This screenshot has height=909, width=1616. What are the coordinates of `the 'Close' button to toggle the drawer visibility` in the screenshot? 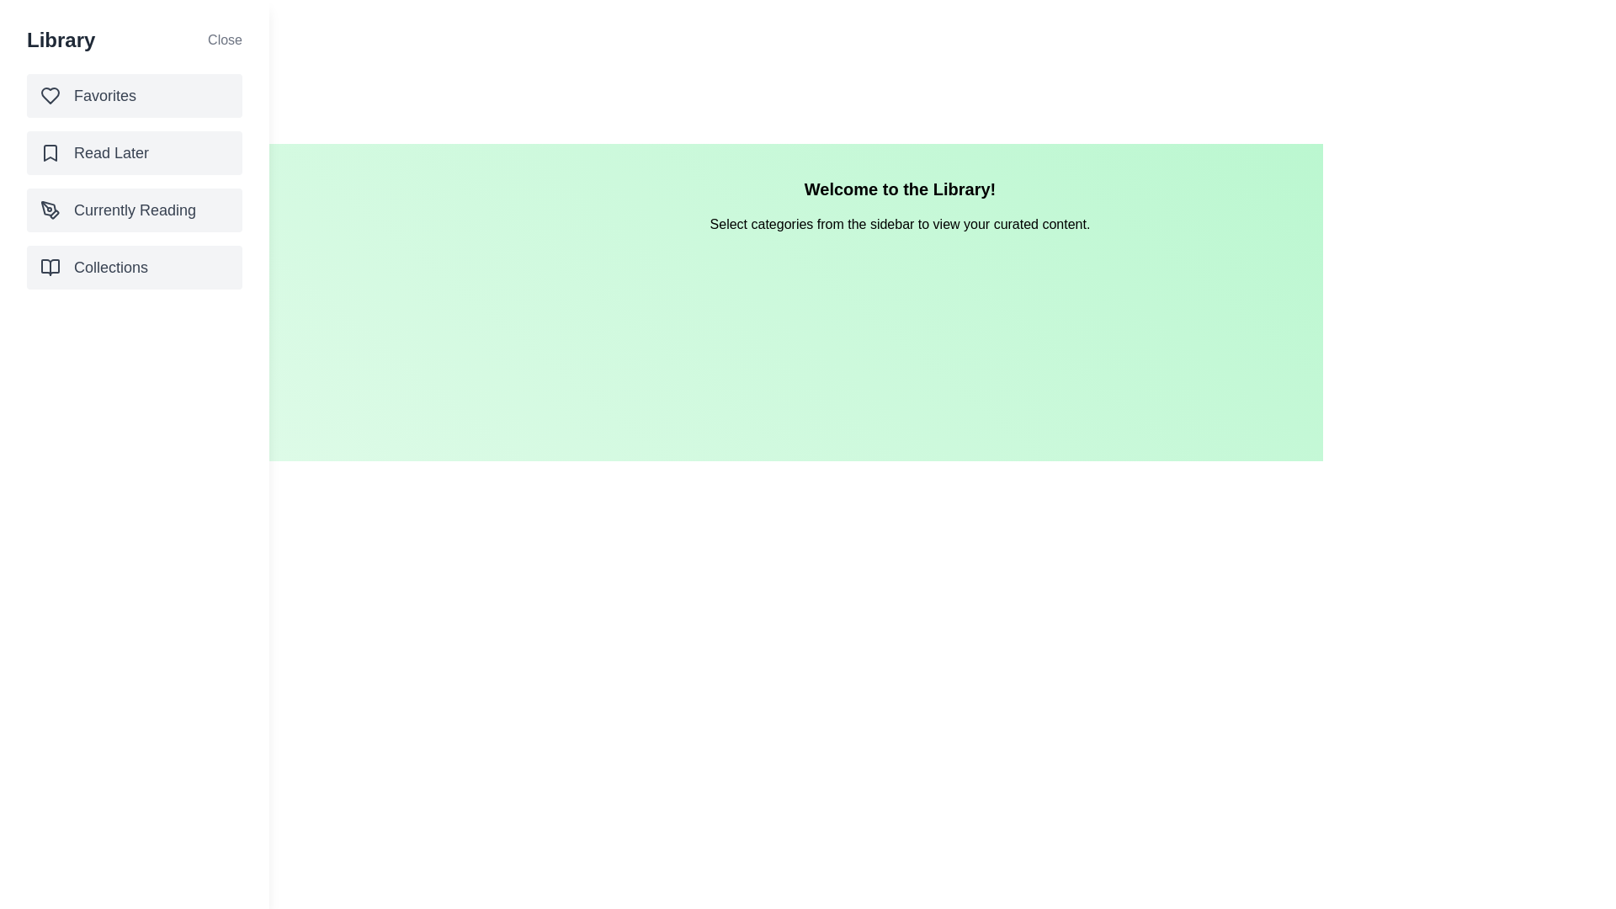 It's located at (224, 39).